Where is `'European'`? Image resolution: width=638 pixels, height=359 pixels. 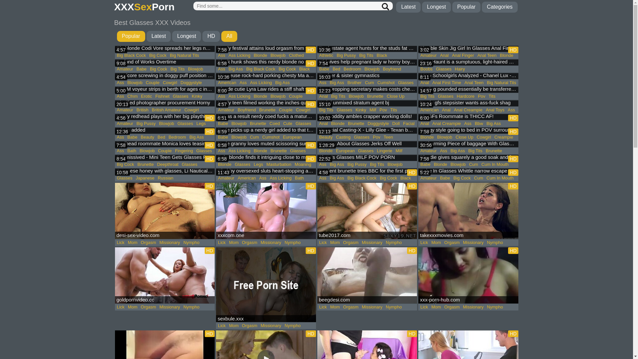
'European' is located at coordinates (345, 151).